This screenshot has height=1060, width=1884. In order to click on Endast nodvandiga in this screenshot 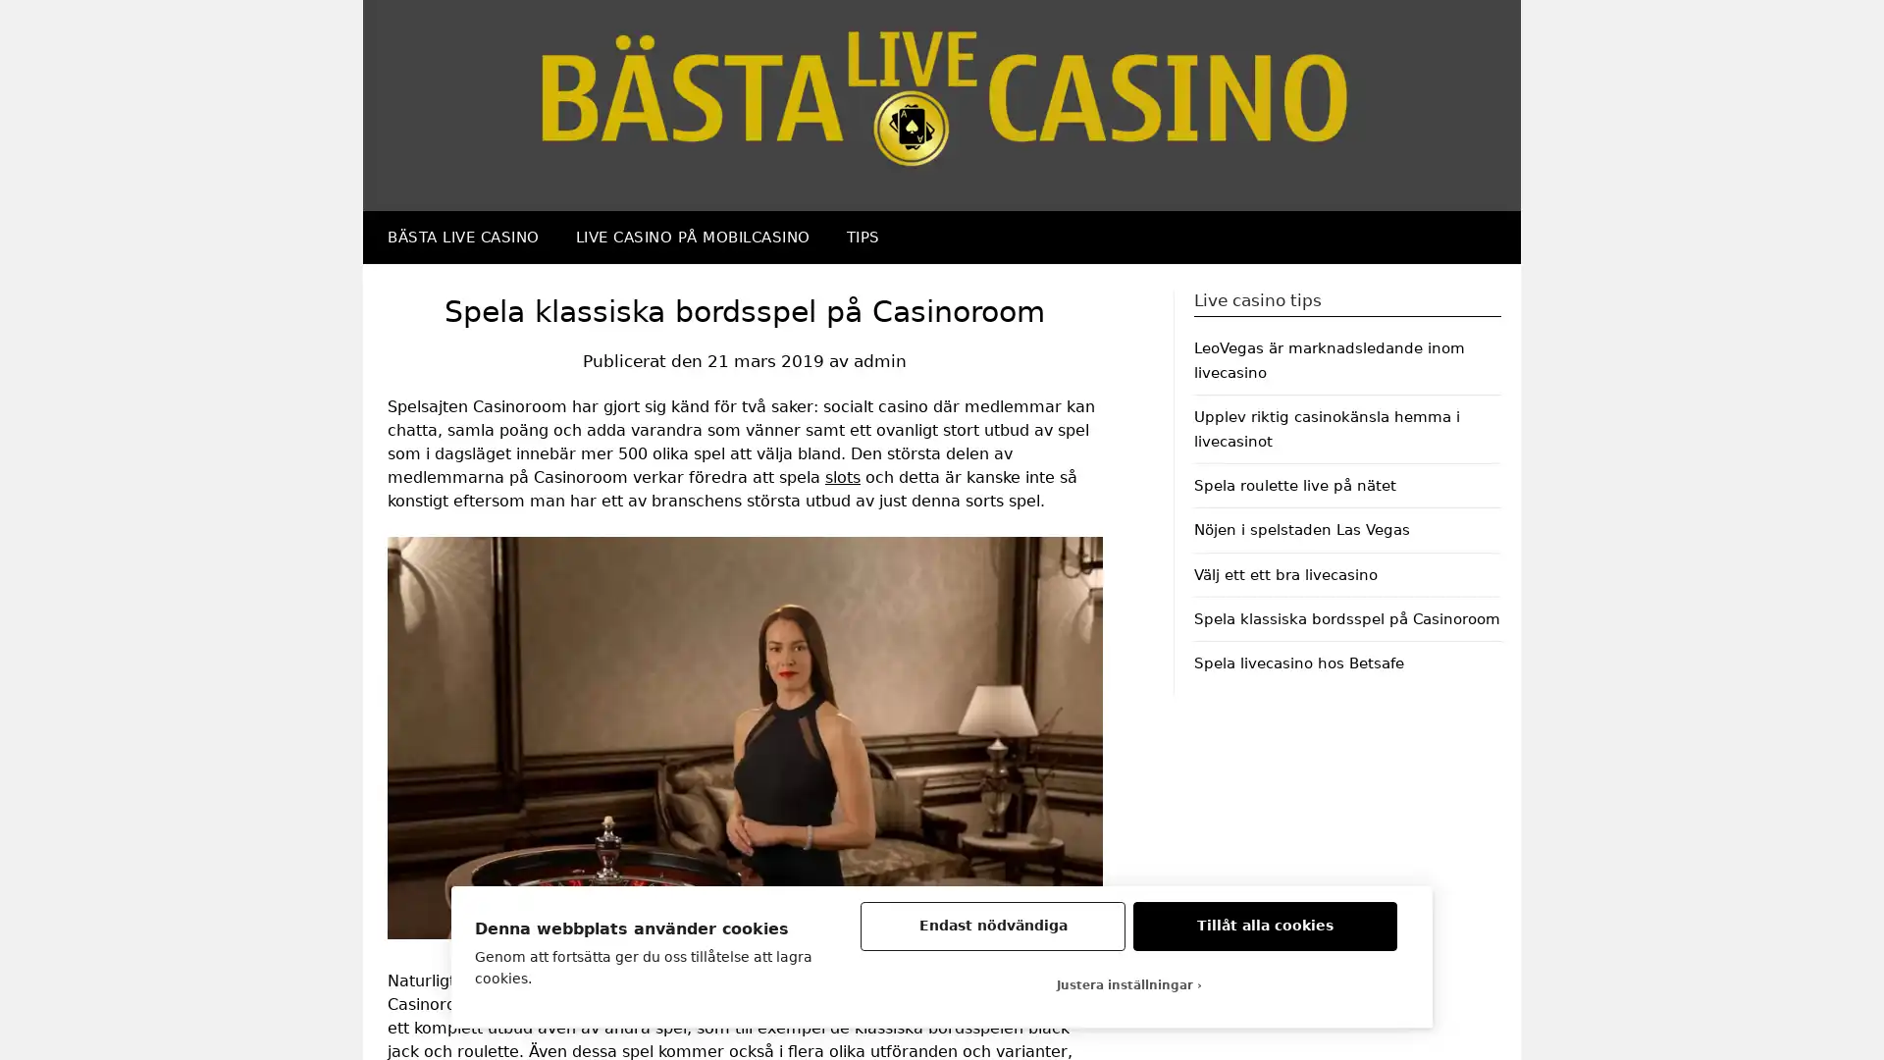, I will do `click(992, 927)`.